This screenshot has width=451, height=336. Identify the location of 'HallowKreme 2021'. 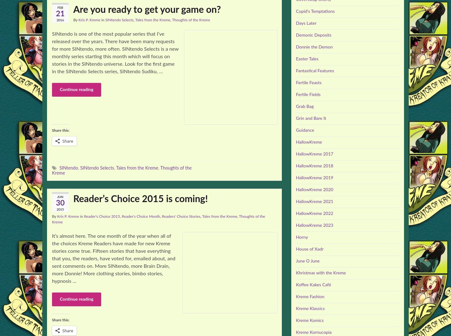
(314, 201).